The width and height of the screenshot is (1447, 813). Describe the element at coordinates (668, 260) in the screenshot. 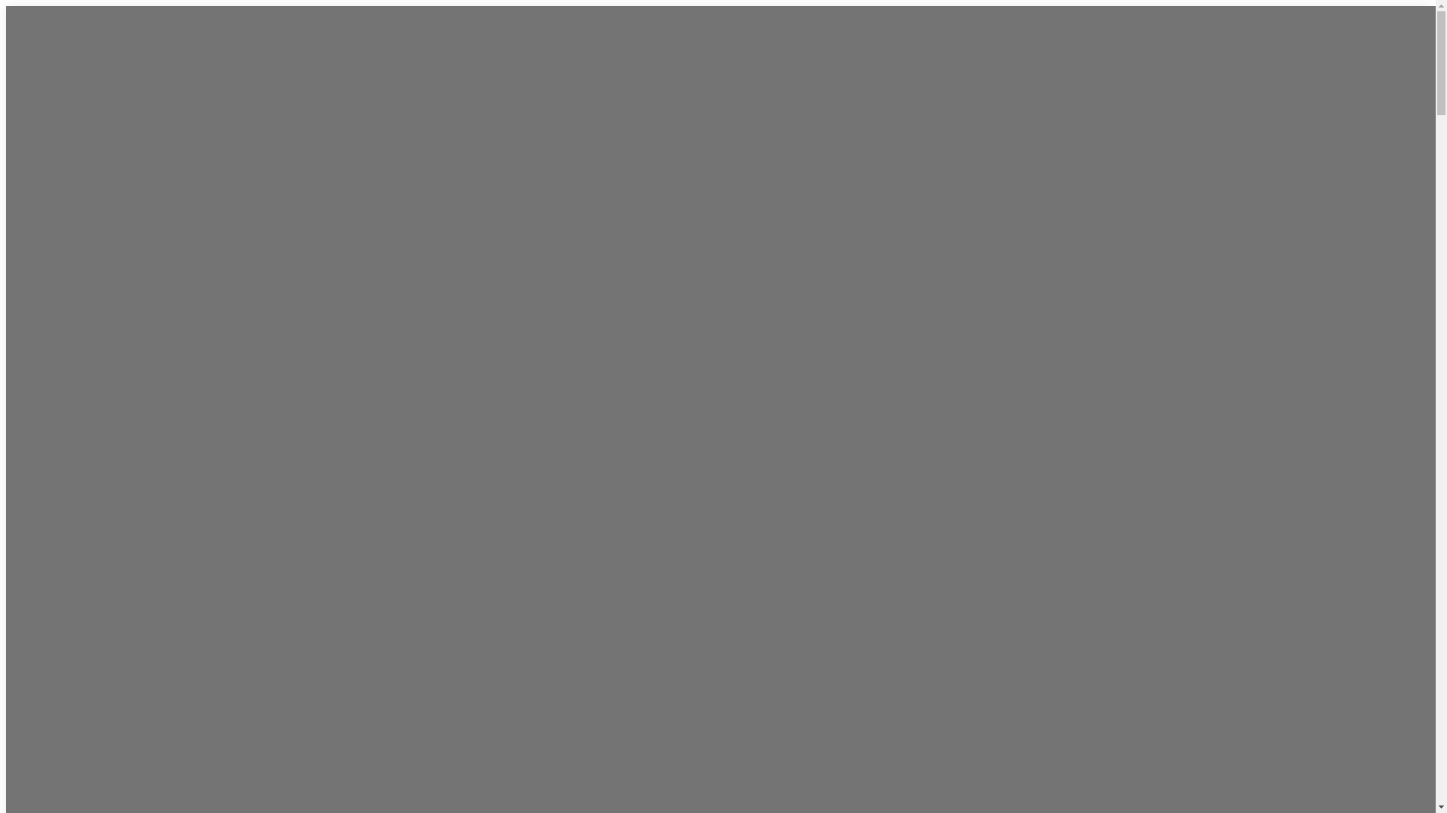

I see `'Waste Lawyers'` at that location.